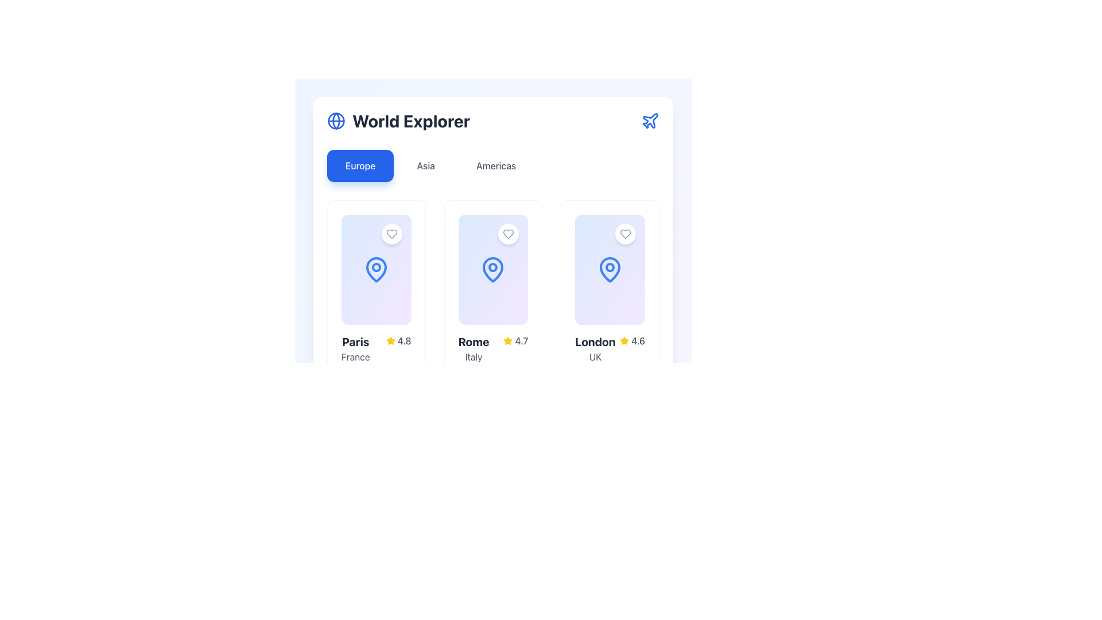  I want to click on the geographic location marker icon situated in the first card labeled 'Paris\nFrance' which displays a rating with stars, so click(376, 270).